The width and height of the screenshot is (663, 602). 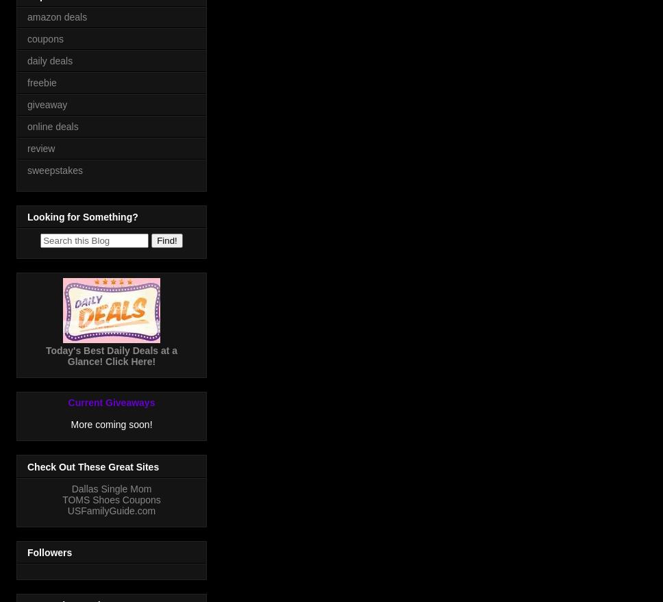 I want to click on 'More coming soon!', so click(x=111, y=424).